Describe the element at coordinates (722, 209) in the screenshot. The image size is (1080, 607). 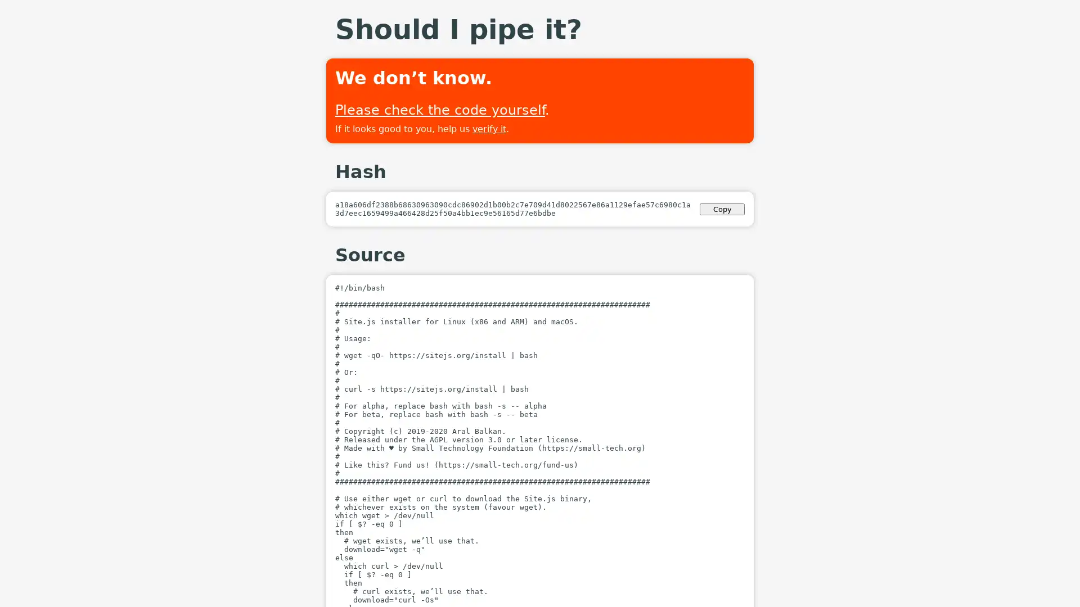
I see `Copy` at that location.